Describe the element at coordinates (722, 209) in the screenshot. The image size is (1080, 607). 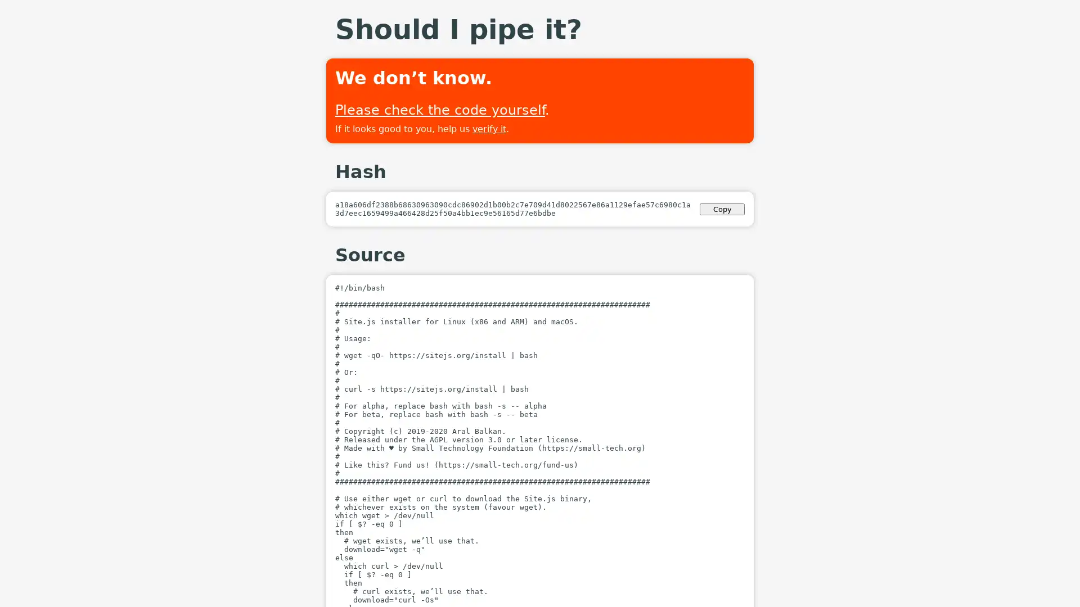
I see `Copy` at that location.